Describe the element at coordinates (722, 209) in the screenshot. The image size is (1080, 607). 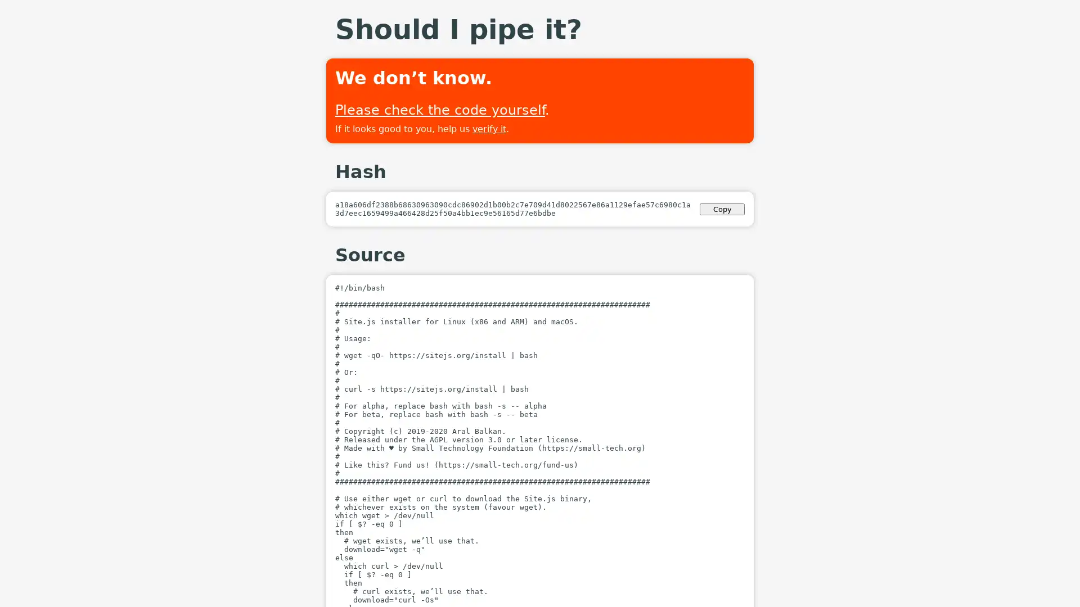
I see `Copy` at that location.